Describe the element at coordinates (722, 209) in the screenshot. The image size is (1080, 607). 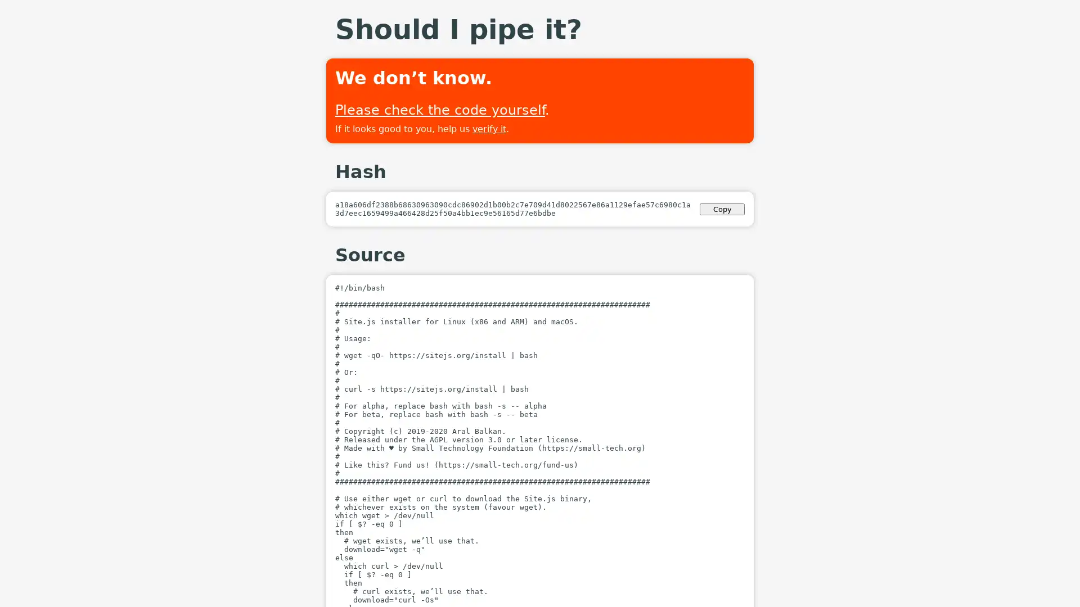
I see `Copy` at that location.